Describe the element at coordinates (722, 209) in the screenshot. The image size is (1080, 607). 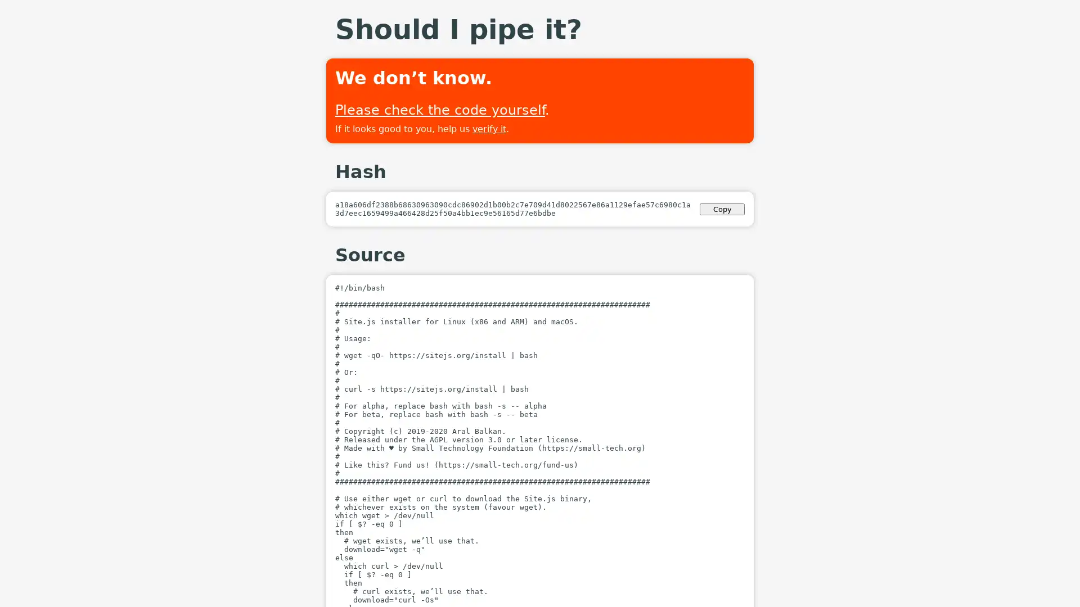
I see `Copy` at that location.